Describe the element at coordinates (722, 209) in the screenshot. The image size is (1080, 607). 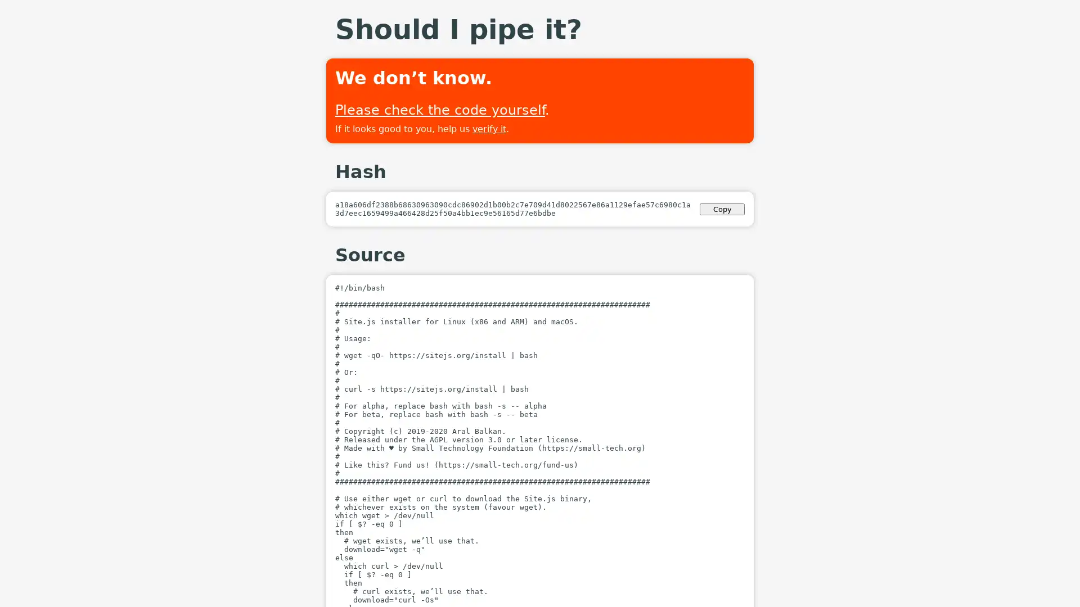
I see `Copy` at that location.